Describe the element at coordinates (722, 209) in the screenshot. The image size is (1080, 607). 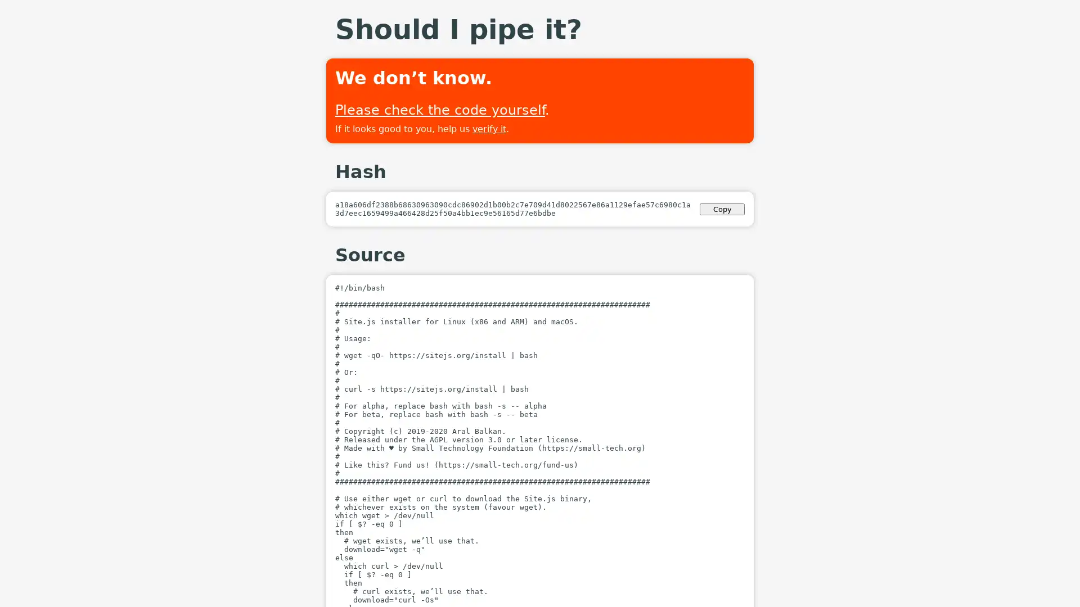
I see `Copy` at that location.